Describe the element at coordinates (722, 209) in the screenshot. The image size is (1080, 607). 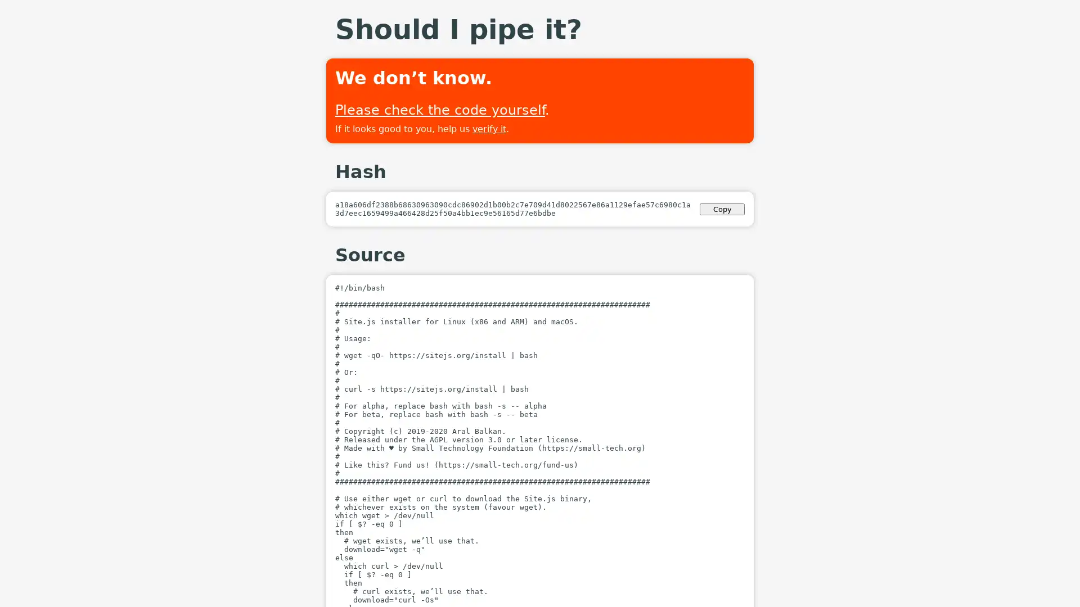
I see `Copy` at that location.